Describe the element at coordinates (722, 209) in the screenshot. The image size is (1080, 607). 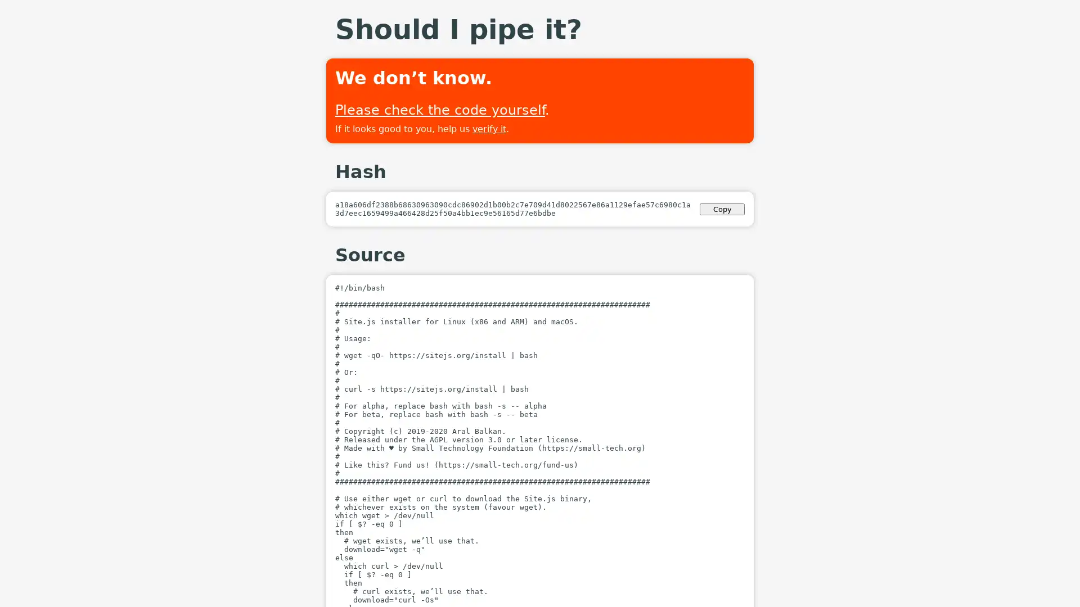
I see `Copy` at that location.